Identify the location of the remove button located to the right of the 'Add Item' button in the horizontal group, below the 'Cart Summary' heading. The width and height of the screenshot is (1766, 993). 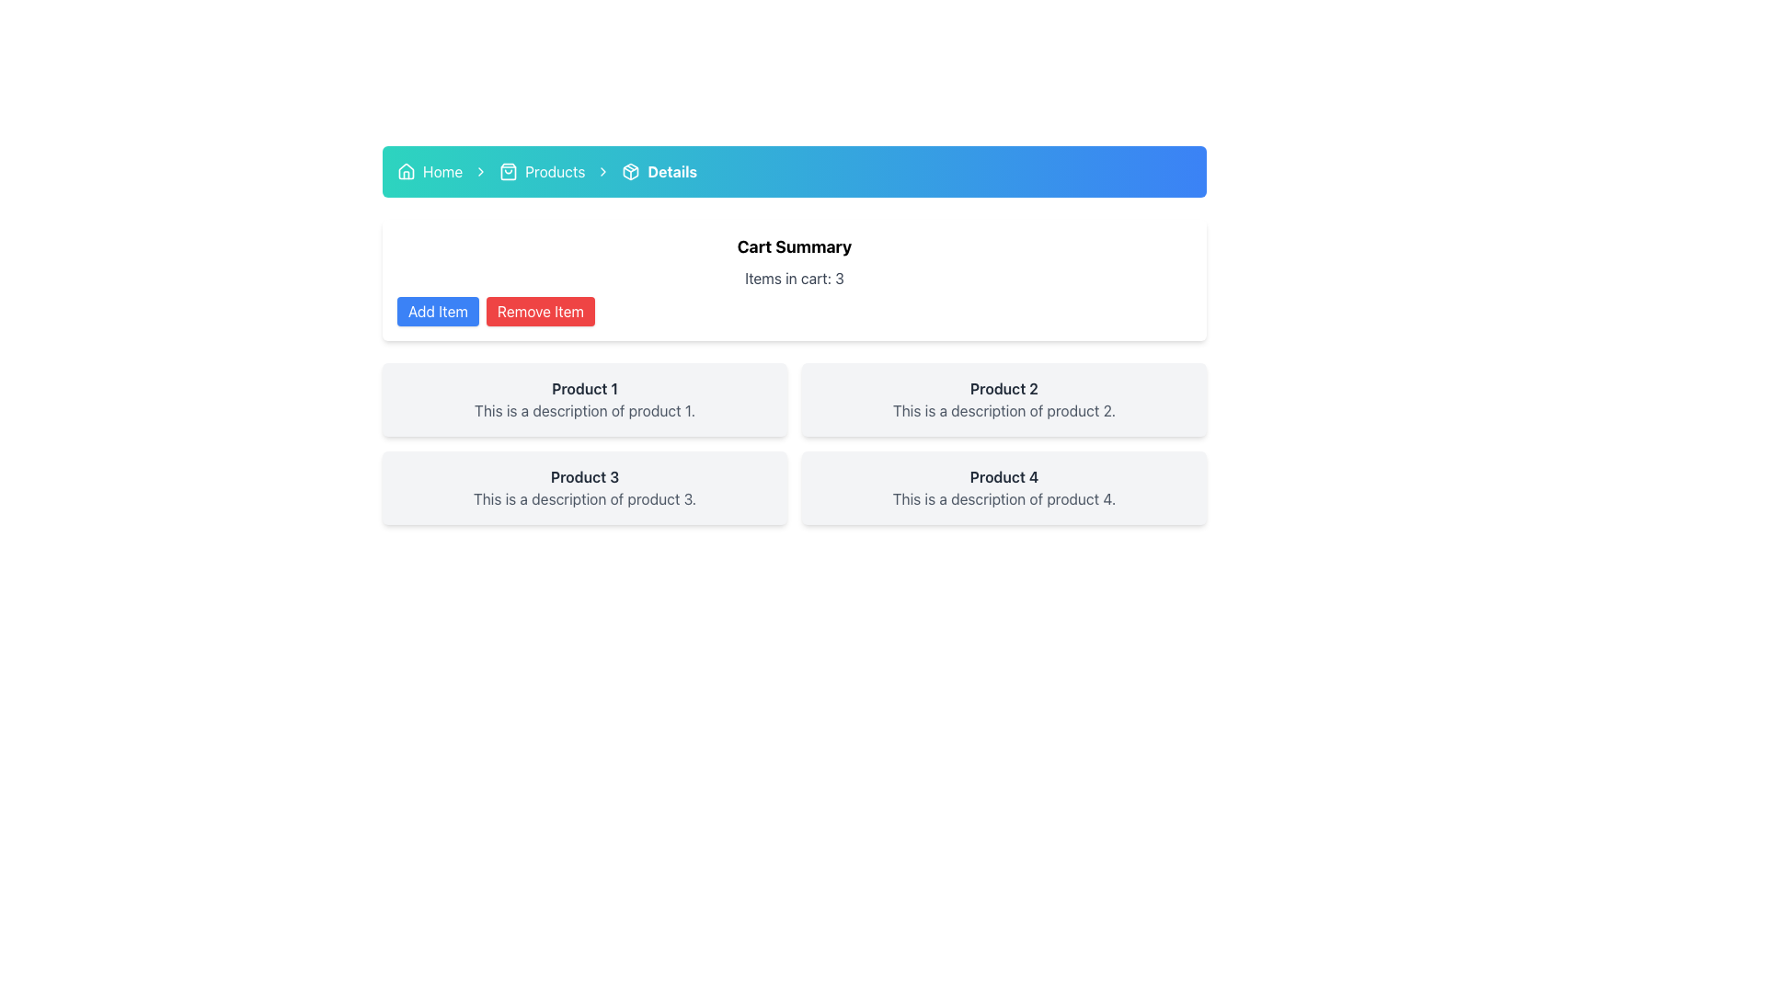
(540, 311).